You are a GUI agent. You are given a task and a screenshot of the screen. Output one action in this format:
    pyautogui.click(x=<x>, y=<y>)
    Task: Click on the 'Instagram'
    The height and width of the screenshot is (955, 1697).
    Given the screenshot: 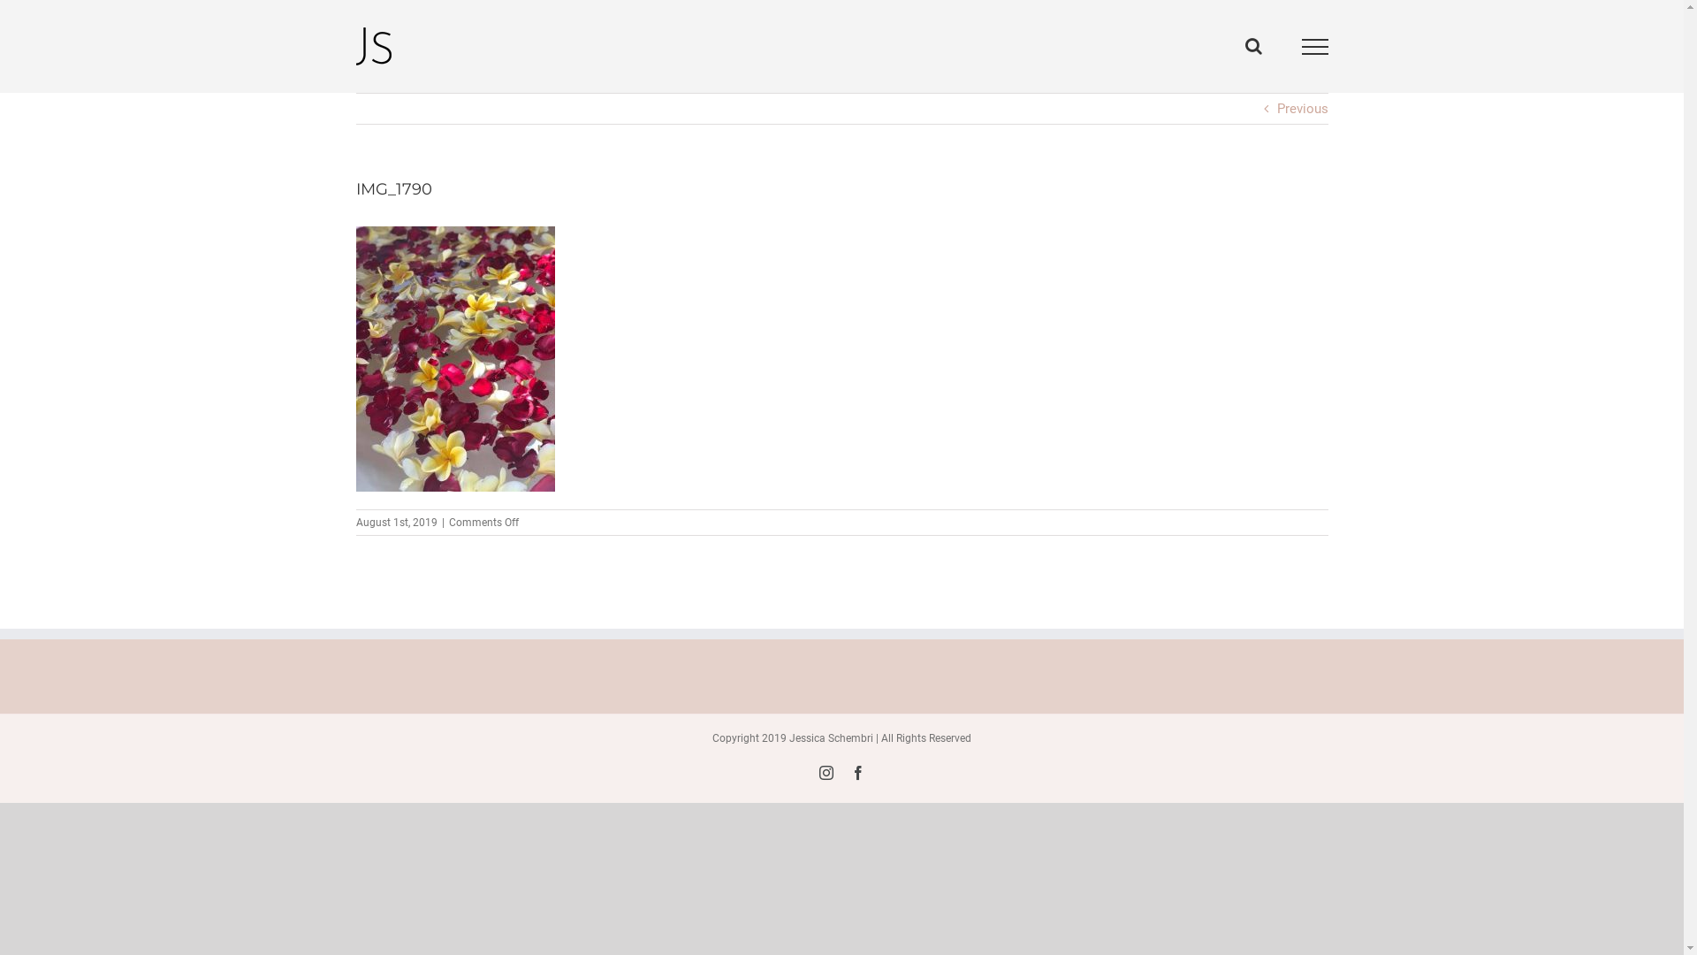 What is the action you would take?
    pyautogui.click(x=825, y=772)
    